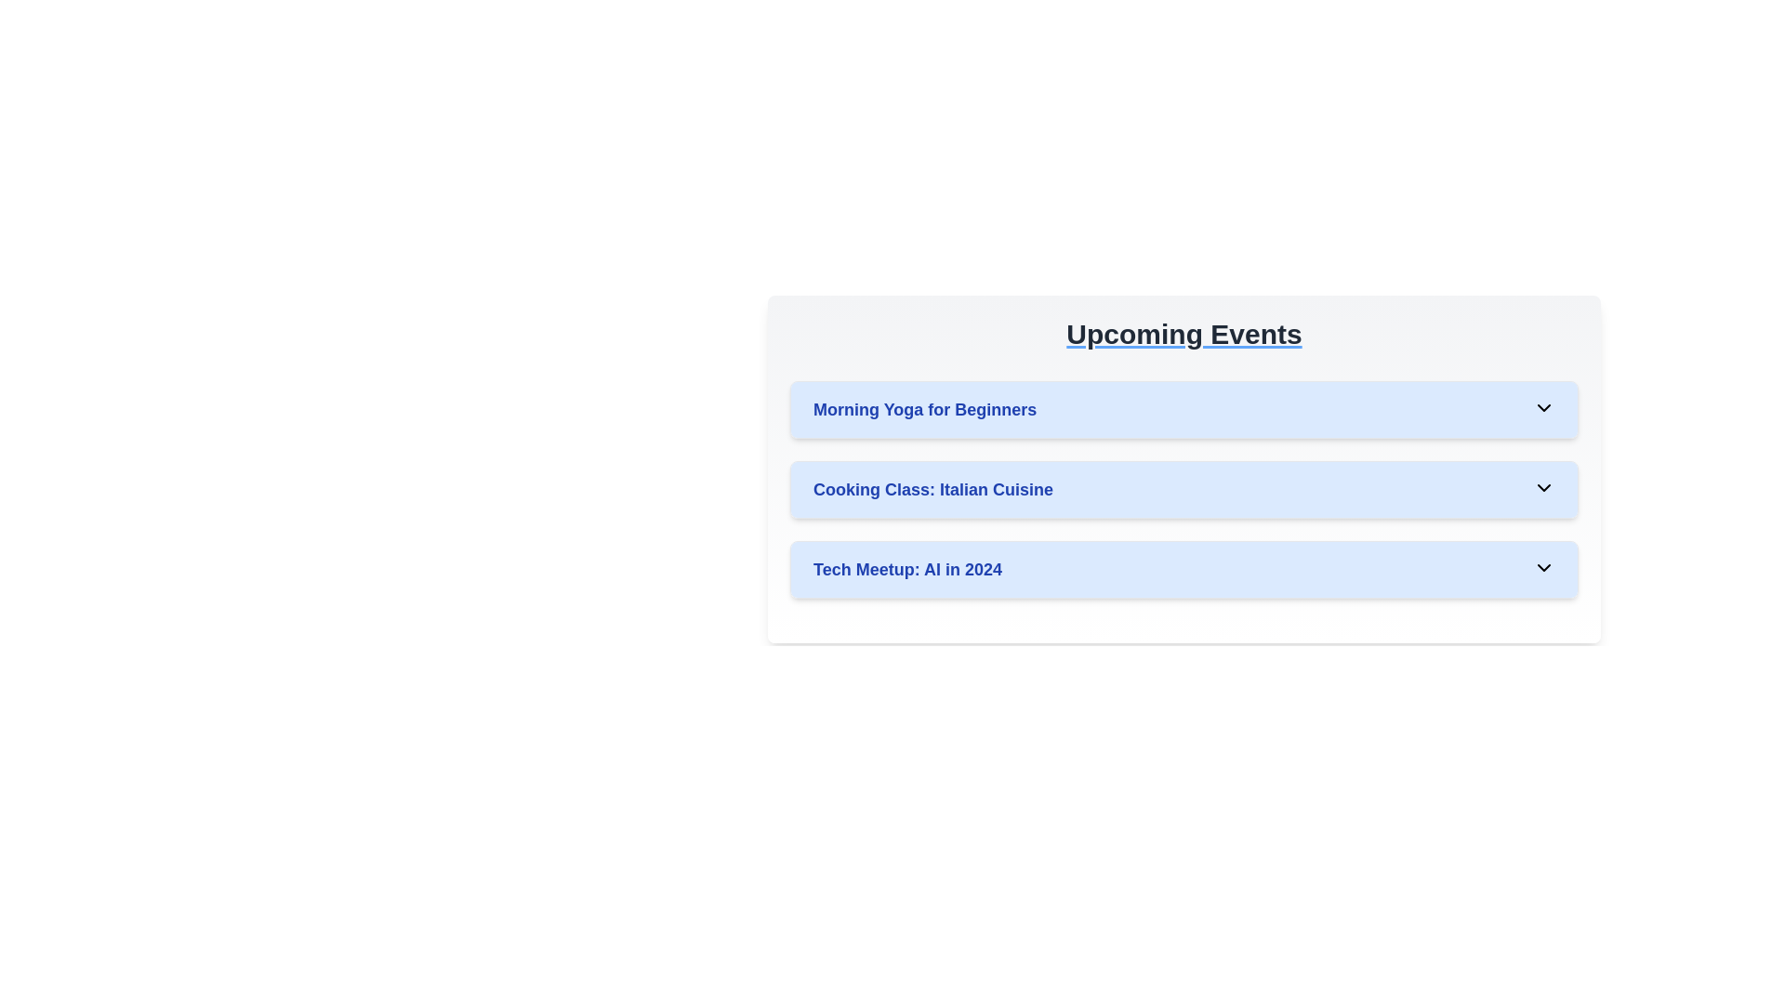 The image size is (1785, 1004). Describe the element at coordinates (932, 489) in the screenshot. I see `text label that identifies the event 'Cooking Class: Italian Cuisine', located in the second row under the 'Upcoming Events' header with a light blue background` at that location.